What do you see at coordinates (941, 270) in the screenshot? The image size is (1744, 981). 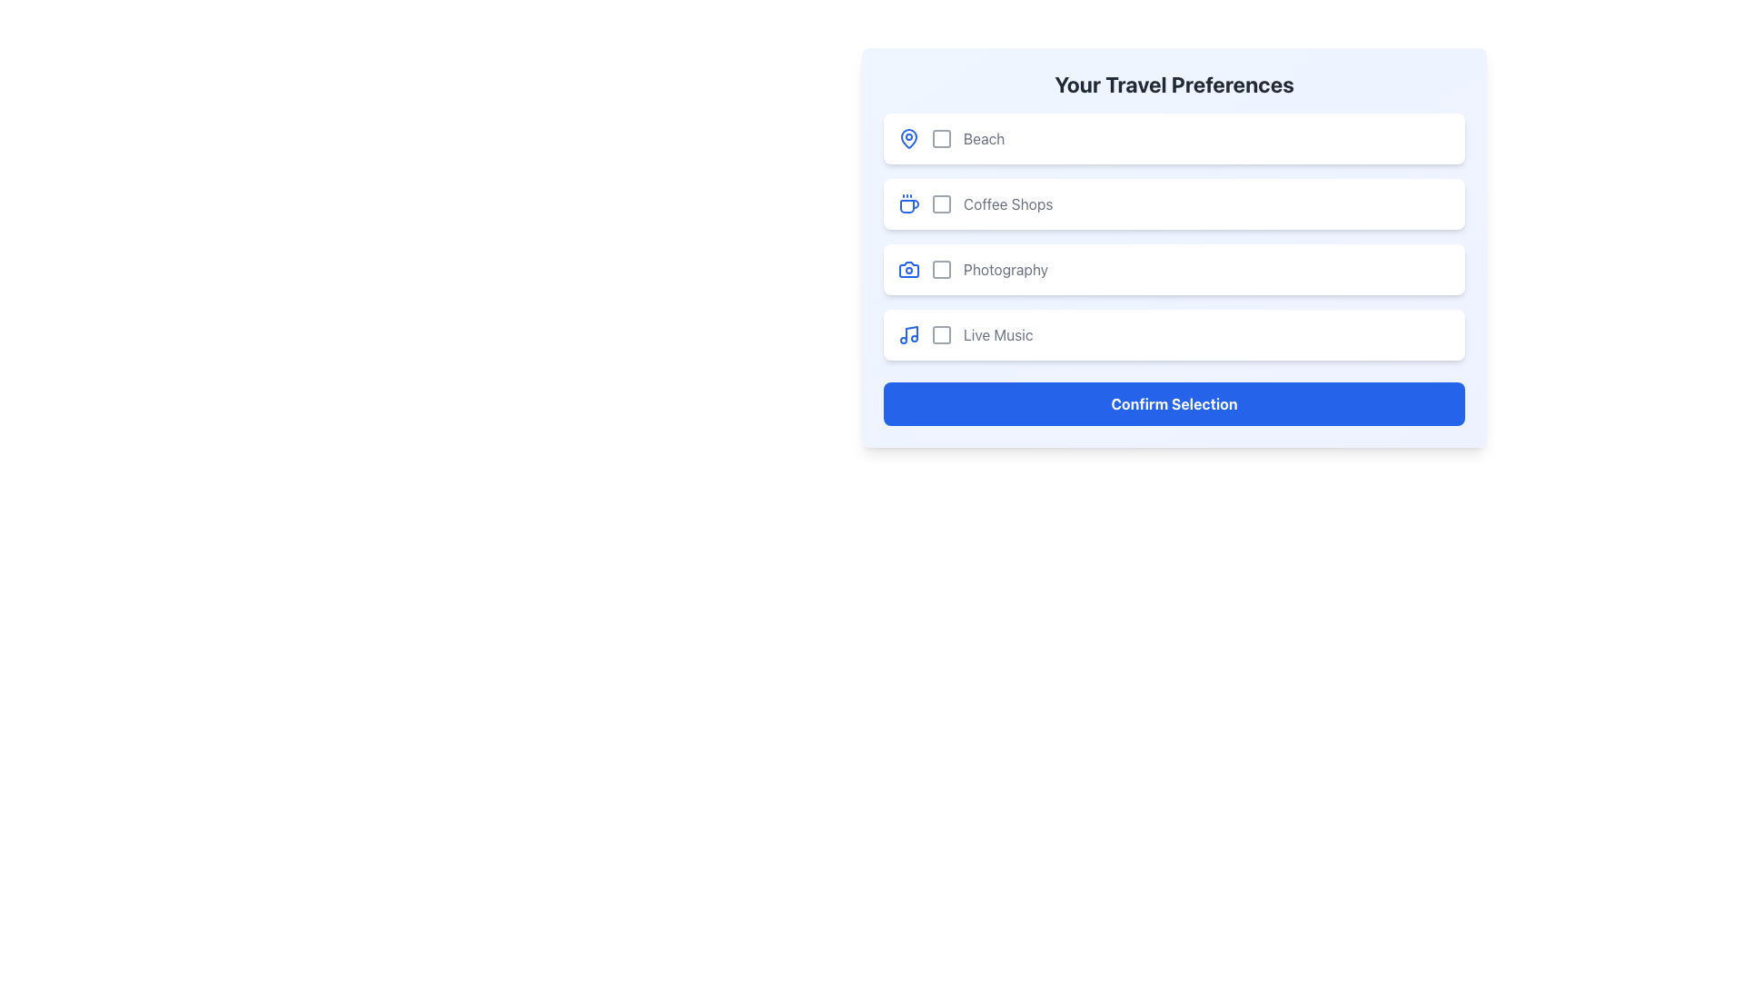 I see `the 'Photography' checkbox to summon the context menu` at bounding box center [941, 270].